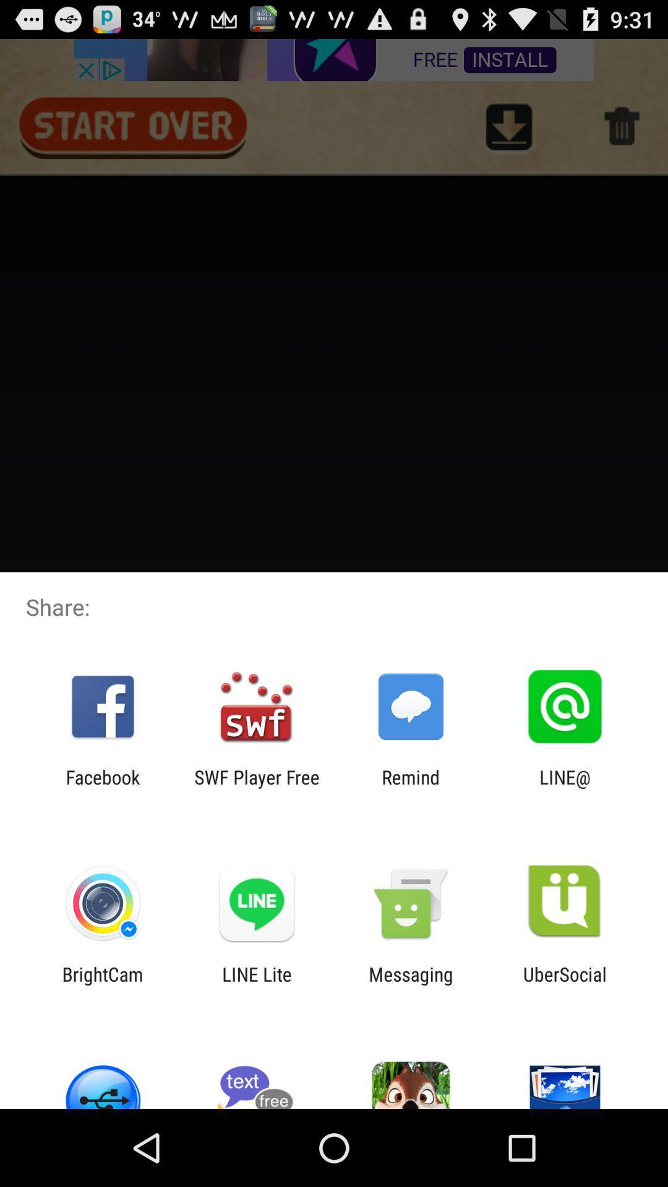 The image size is (668, 1187). I want to click on item next to ubersocial item, so click(411, 984).